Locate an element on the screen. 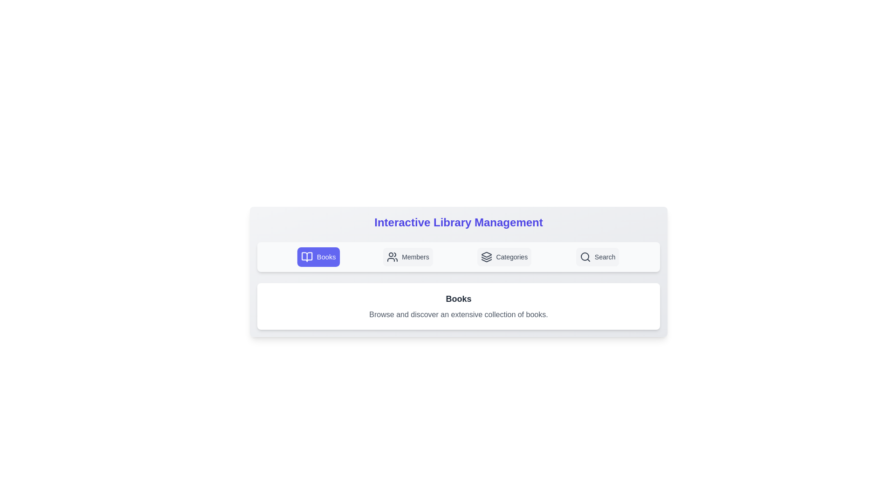 The image size is (895, 503). the descriptive subtitle text block located directly below the 'Books' heading in the middle-lower section of the interface is located at coordinates (458, 314).